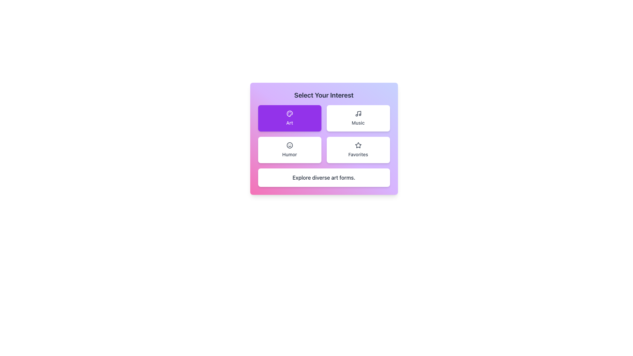 This screenshot has width=633, height=356. I want to click on the 'Humor' label text located in the grid layout, which represents the third button in the left column of the second row, so click(289, 155).